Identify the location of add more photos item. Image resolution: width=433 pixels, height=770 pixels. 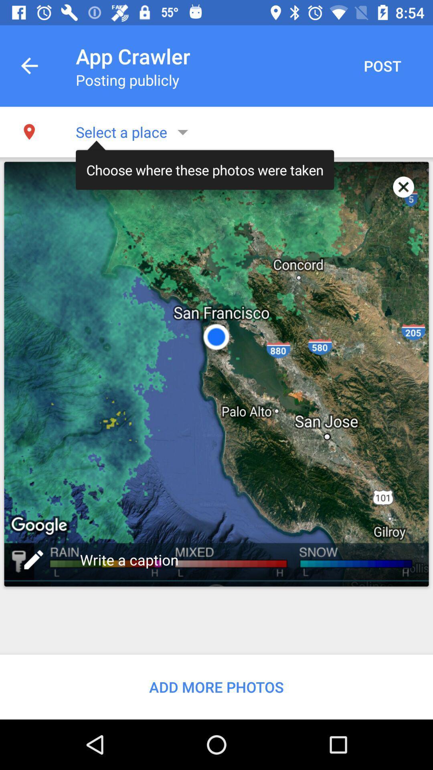
(216, 687).